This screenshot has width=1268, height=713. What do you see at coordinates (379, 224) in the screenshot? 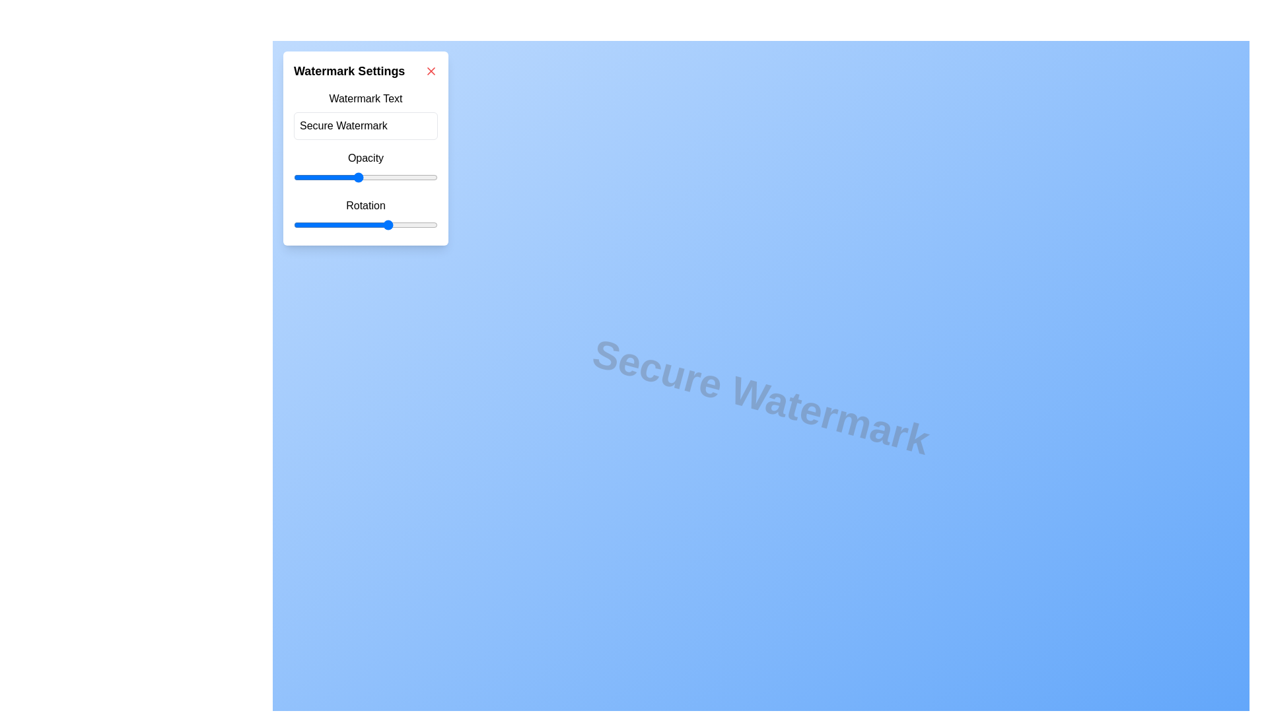
I see `the rotation` at bounding box center [379, 224].